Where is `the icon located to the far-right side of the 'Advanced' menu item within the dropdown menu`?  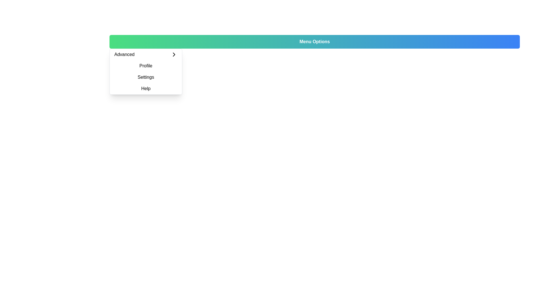 the icon located to the far-right side of the 'Advanced' menu item within the dropdown menu is located at coordinates (173, 55).